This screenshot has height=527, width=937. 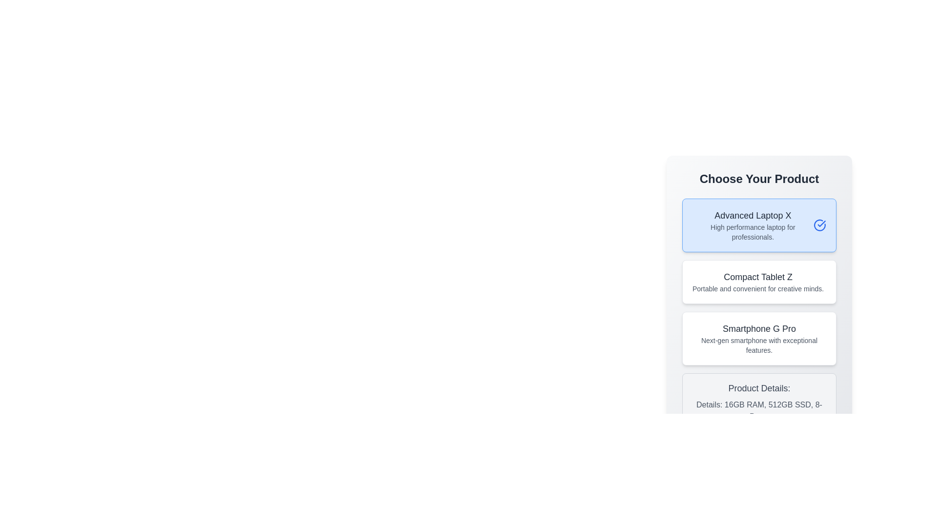 I want to click on the Informative card displaying 'Smartphone G Pro', which is the third card in a vertical list of product listings, so click(x=758, y=338).